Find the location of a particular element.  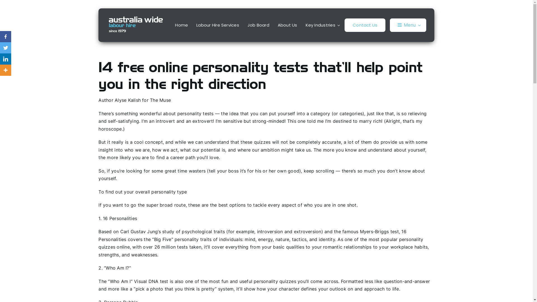

'Labour Hire Services' is located at coordinates (217, 25).